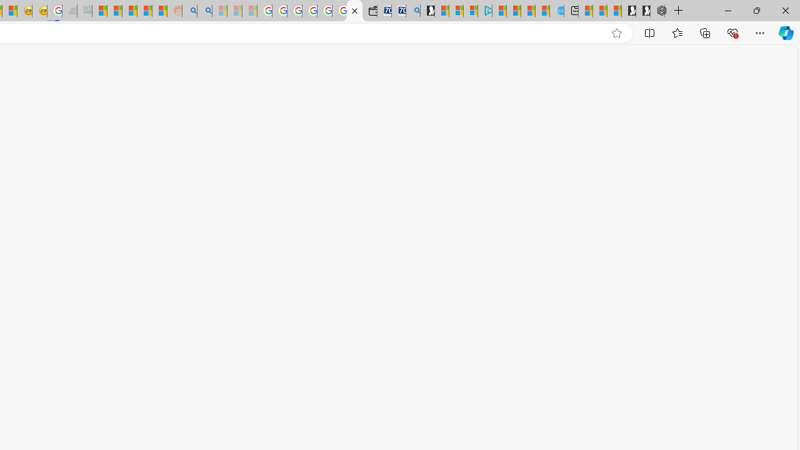 The image size is (800, 450). What do you see at coordinates (398, 11) in the screenshot?
I see `'Cheap Car Rentals - Save70.com'` at bounding box center [398, 11].